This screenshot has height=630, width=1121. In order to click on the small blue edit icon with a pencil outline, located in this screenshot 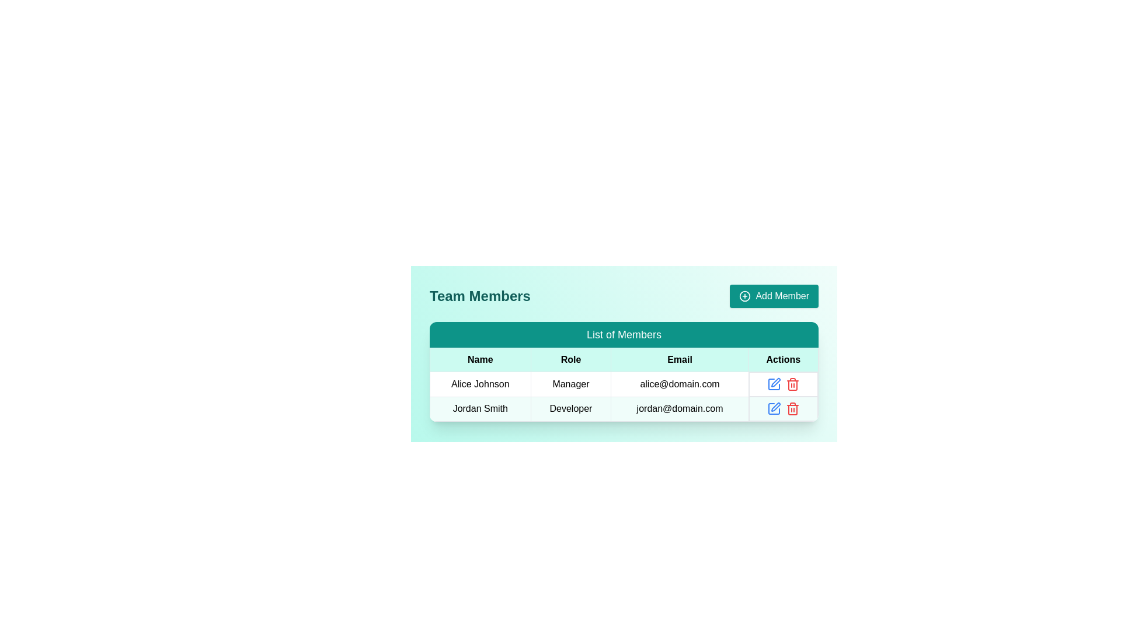, I will do `click(774, 384)`.